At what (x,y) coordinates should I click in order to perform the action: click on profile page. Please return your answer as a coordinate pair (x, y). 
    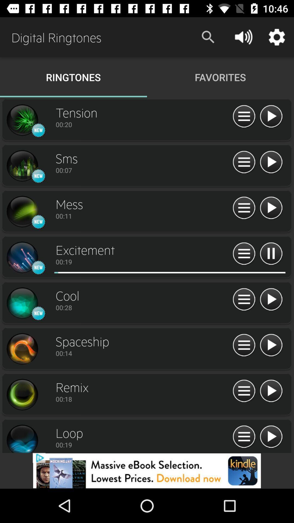
    Looking at the image, I should click on (22, 349).